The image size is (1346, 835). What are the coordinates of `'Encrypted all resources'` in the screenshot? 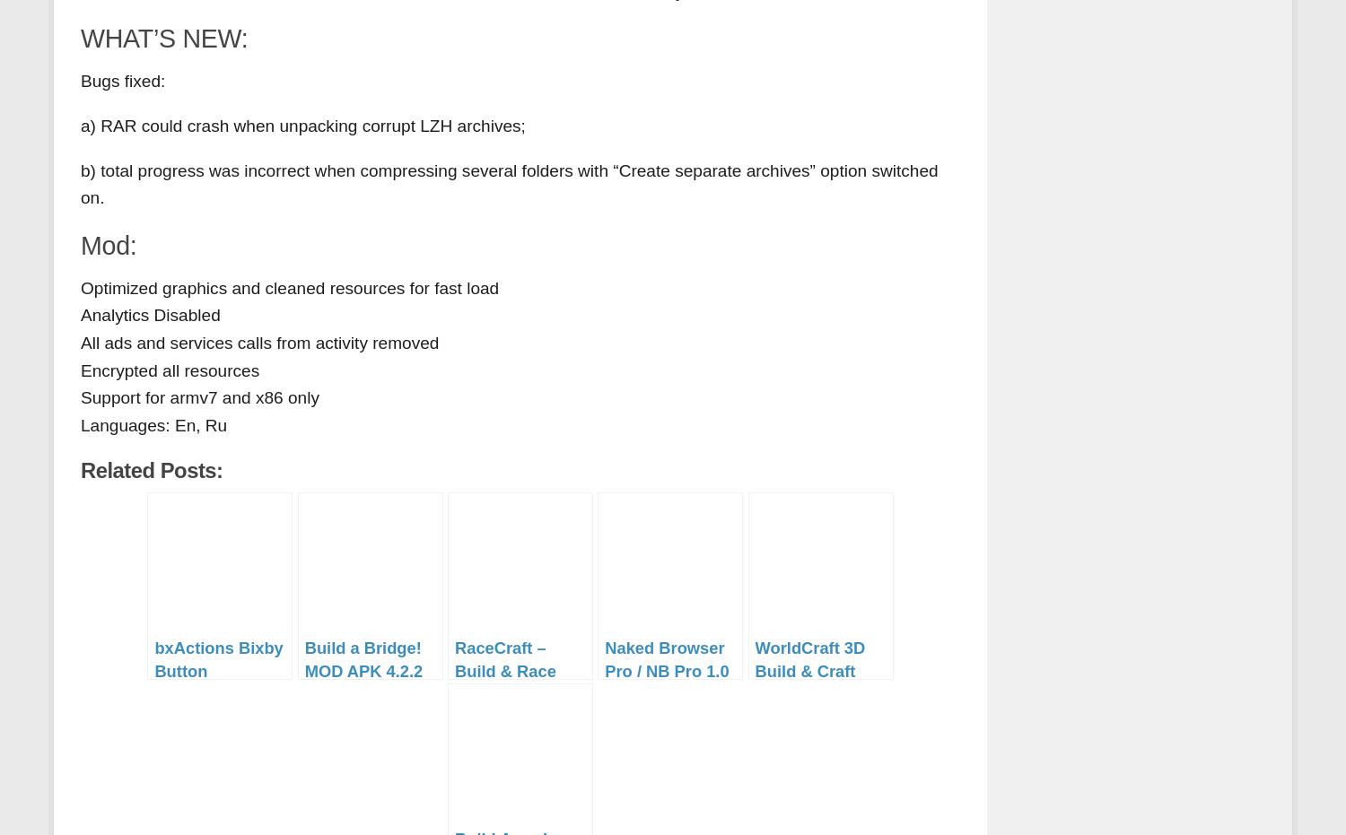 It's located at (169, 369).